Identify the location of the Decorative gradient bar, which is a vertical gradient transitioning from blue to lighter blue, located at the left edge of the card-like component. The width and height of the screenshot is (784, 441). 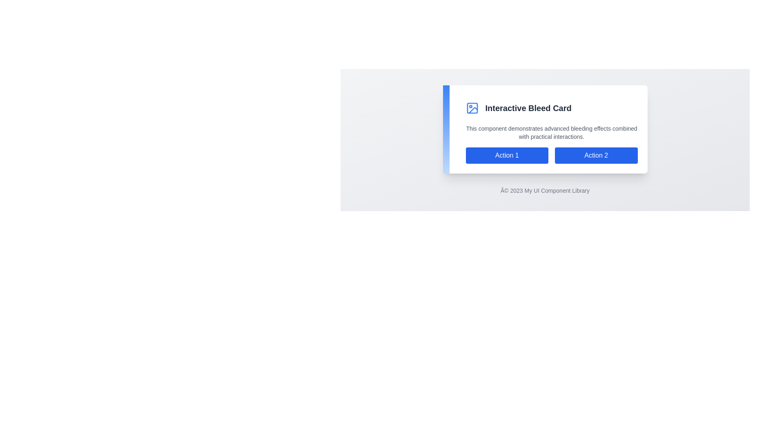
(445, 129).